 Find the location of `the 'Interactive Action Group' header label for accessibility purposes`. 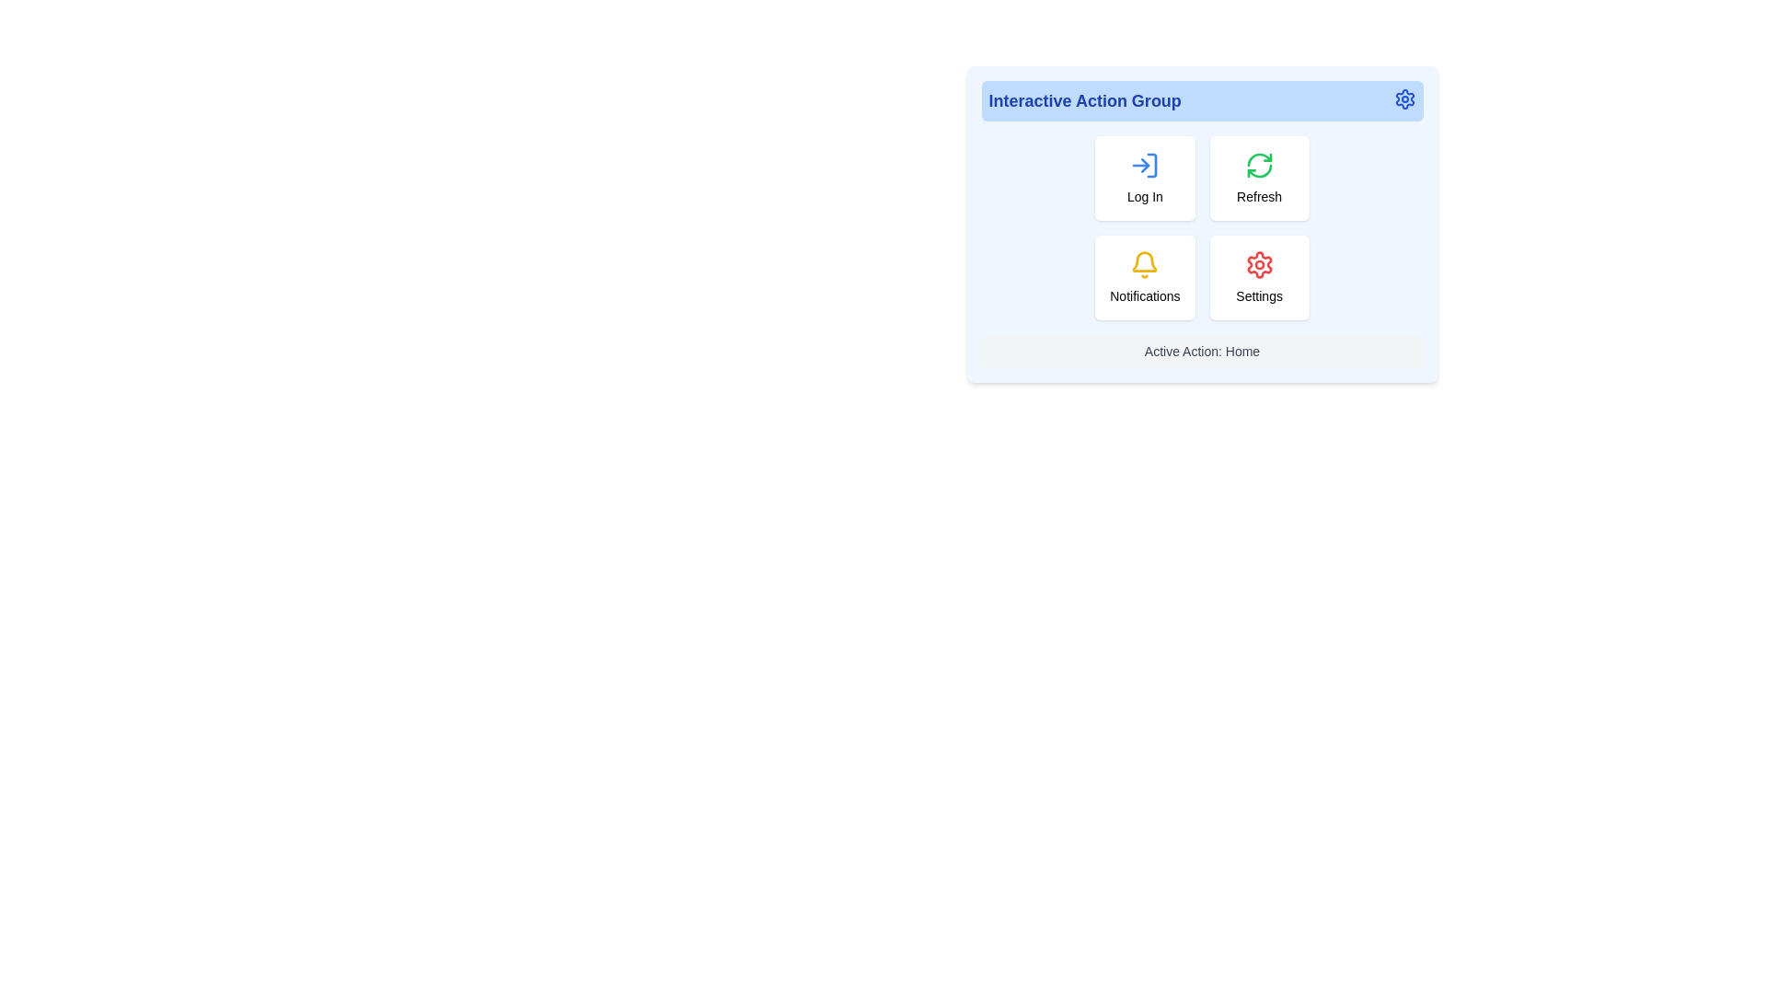

the 'Interactive Action Group' header label for accessibility purposes is located at coordinates (1085, 101).